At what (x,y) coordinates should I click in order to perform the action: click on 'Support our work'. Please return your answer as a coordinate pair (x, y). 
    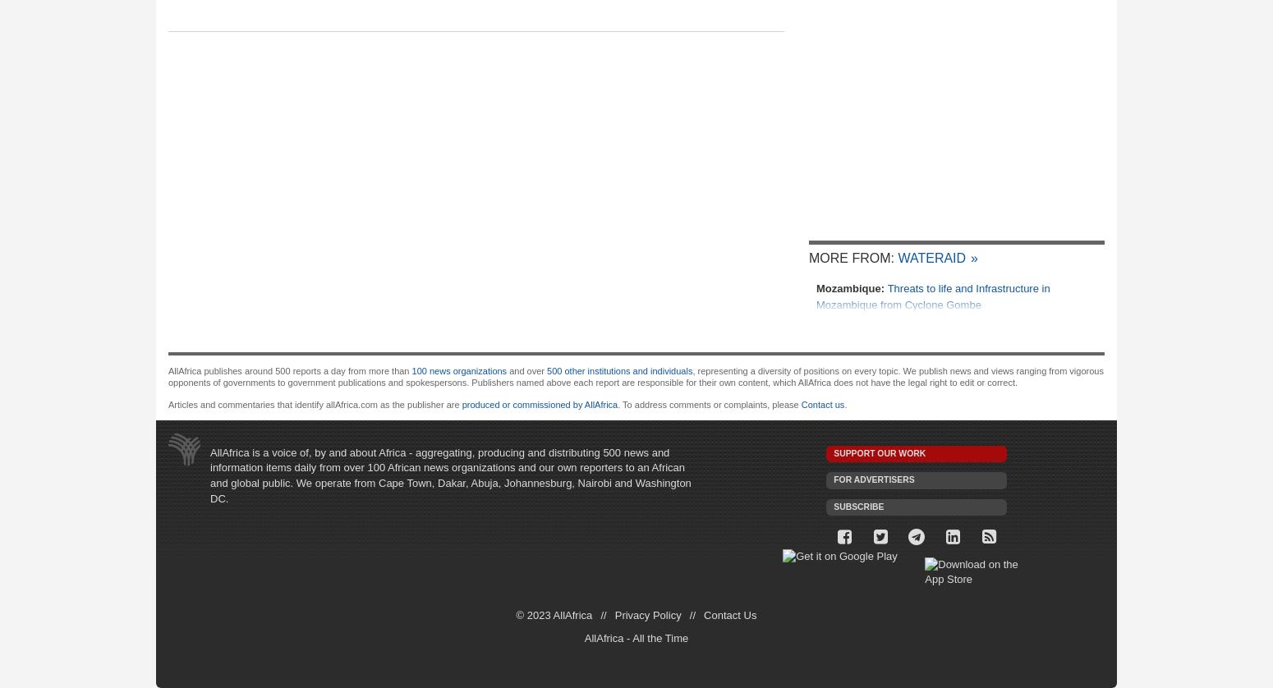
    Looking at the image, I should click on (880, 452).